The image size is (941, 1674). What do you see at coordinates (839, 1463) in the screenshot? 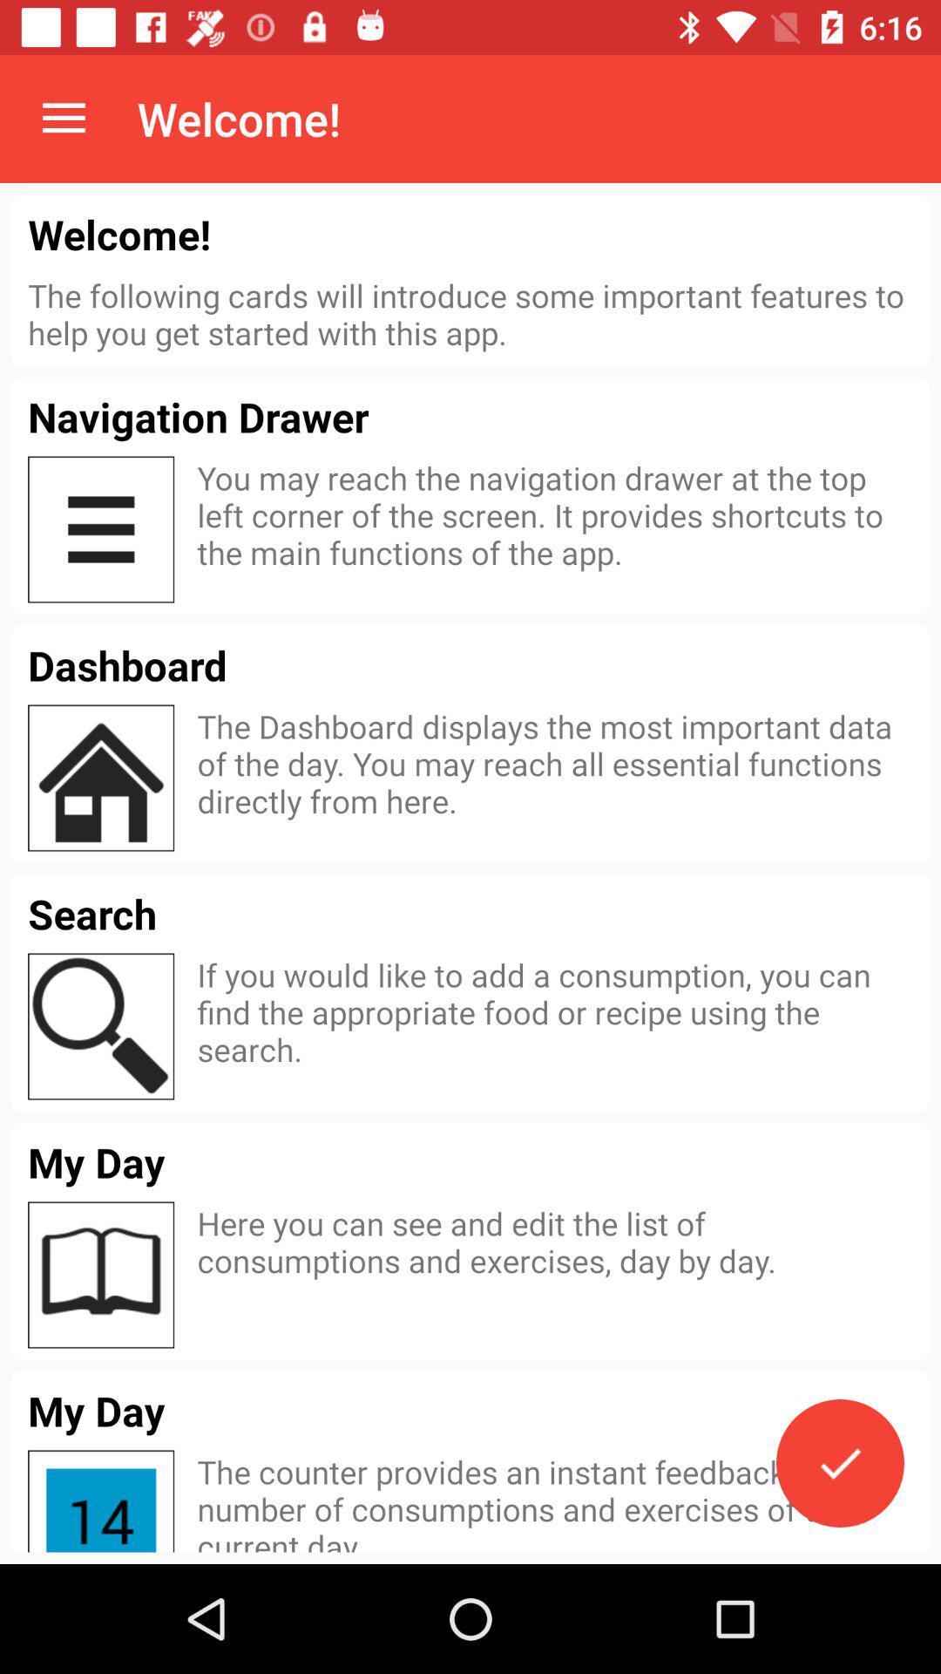
I see `the check icon` at bounding box center [839, 1463].